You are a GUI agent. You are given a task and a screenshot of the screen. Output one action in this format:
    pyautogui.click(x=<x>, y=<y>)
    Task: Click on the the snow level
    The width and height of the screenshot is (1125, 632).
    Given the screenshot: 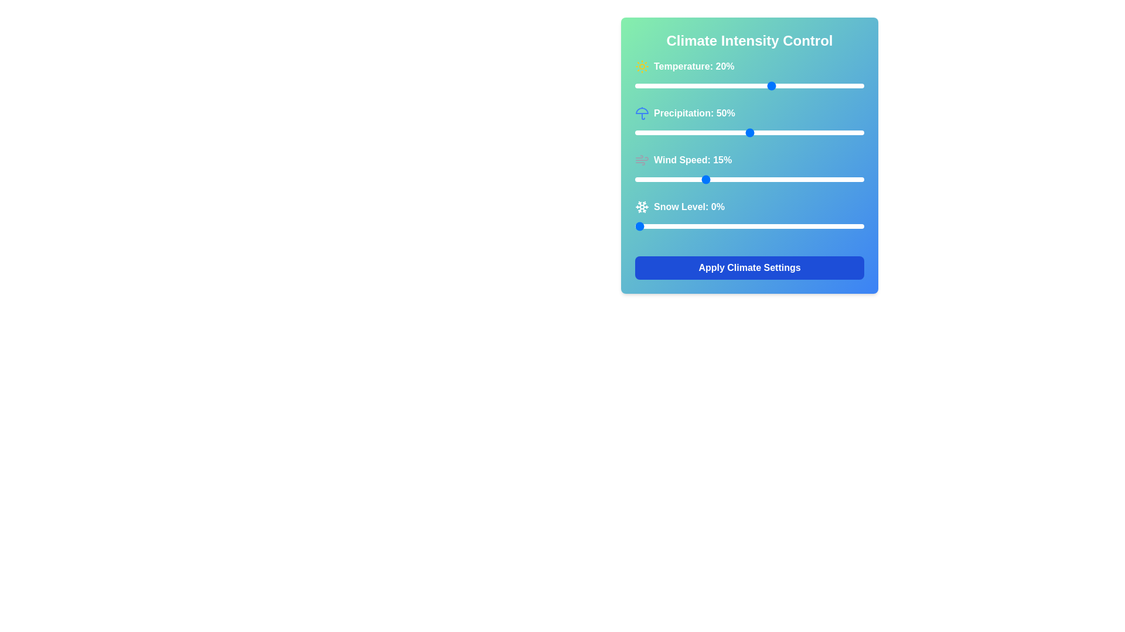 What is the action you would take?
    pyautogui.click(x=639, y=226)
    